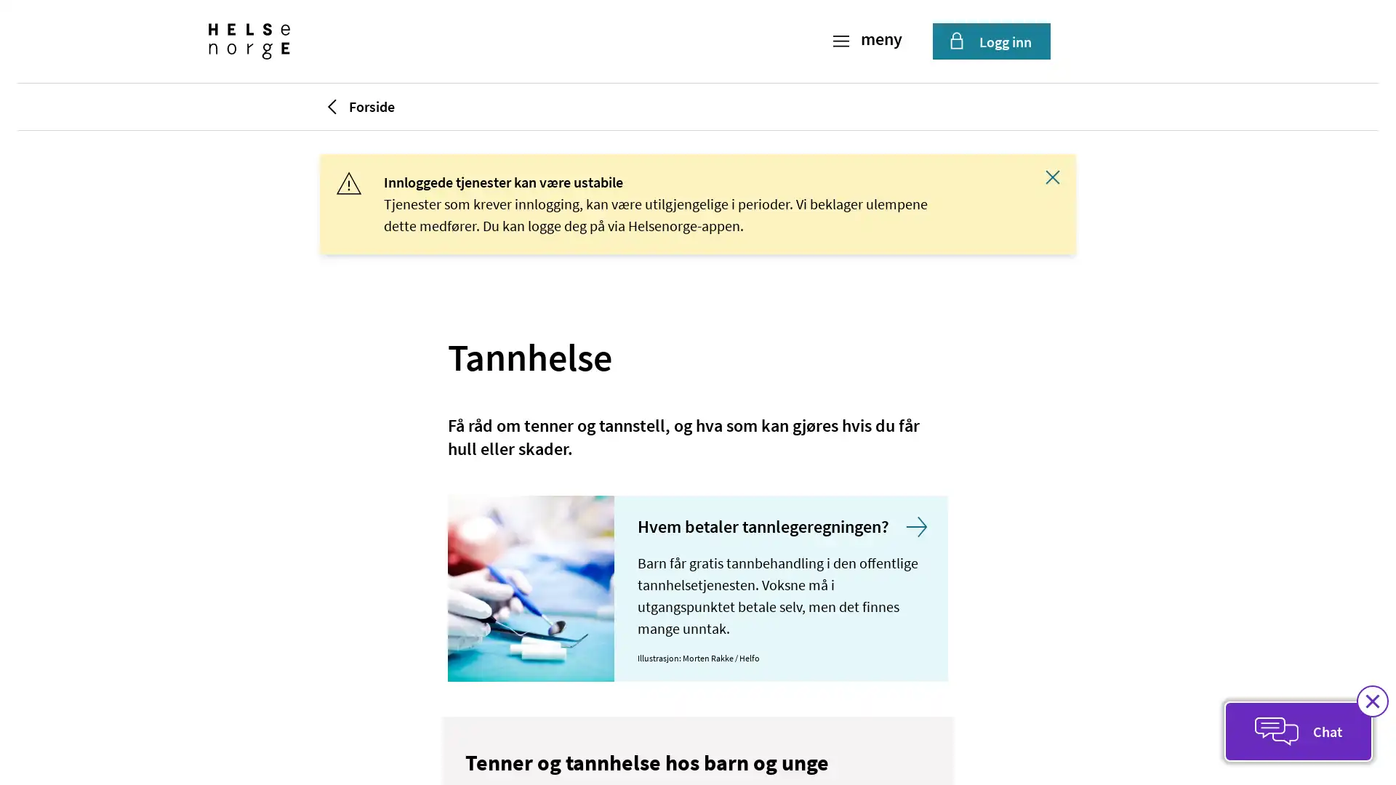 This screenshot has height=785, width=1396. I want to click on Chat, so click(1298, 731).